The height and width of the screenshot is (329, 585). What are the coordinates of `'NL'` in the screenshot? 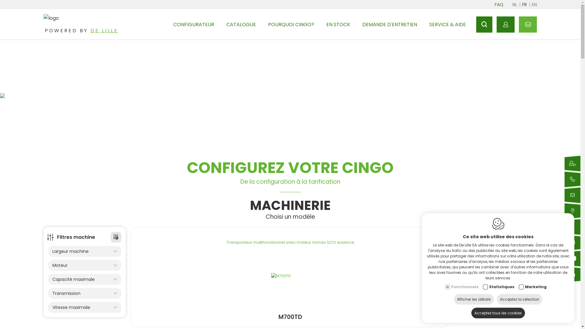 It's located at (512, 5).